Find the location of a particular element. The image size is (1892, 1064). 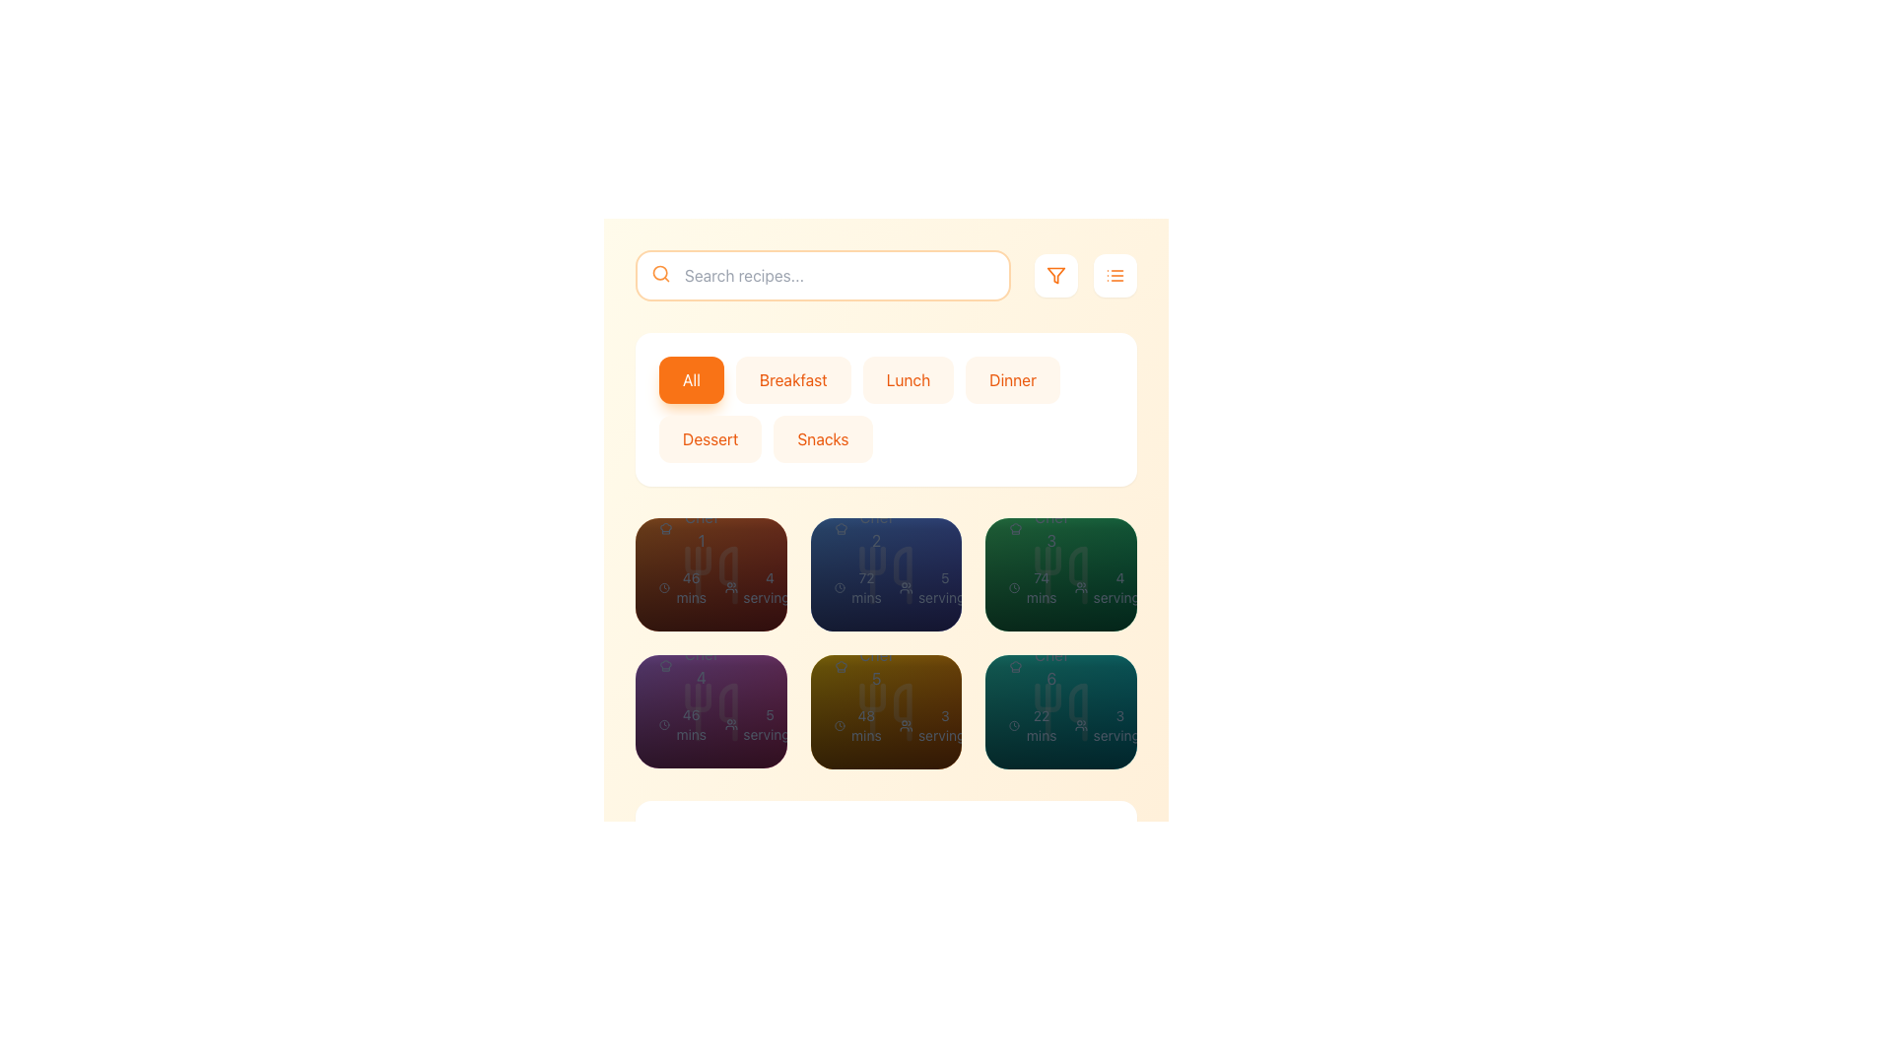

the share button, which is the third button from the right in the bottom panel of the green recipe tile, located near the bottom-right corner of the tile is located at coordinates (1120, 574).